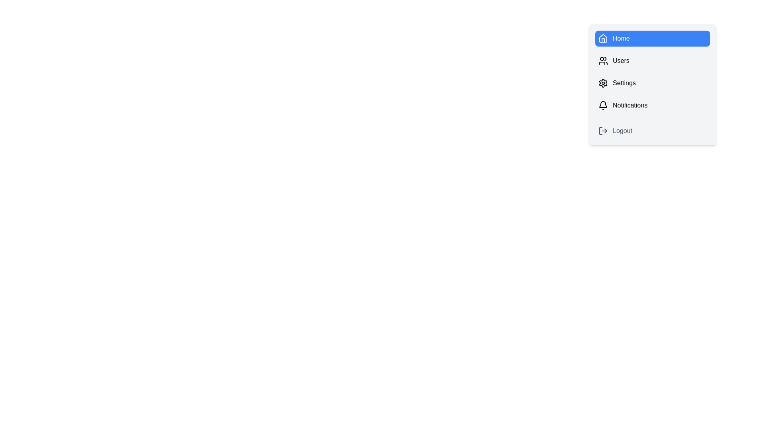 The height and width of the screenshot is (430, 765). Describe the element at coordinates (603, 38) in the screenshot. I see `the 'Home' visual icon` at that location.